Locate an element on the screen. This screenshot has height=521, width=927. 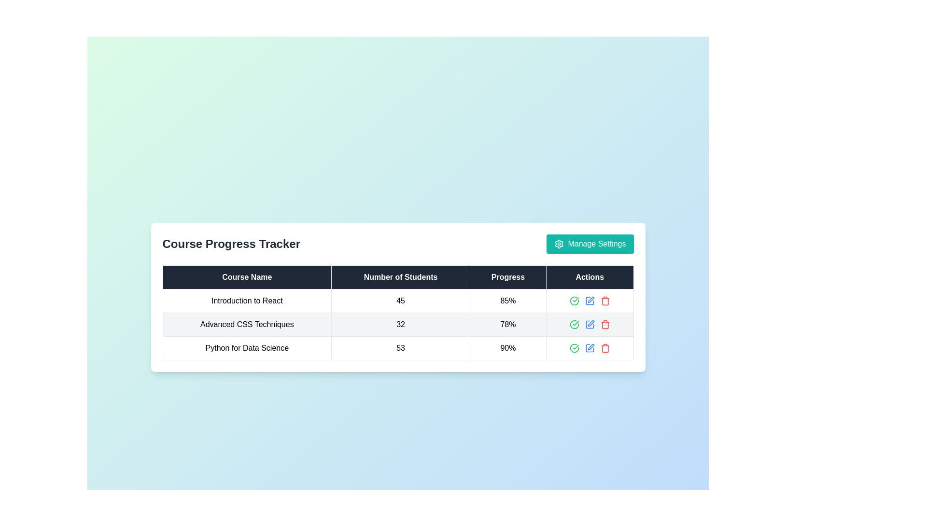
the gear-shaped icon with a teal background and white outline located to the left of the 'Manage Settings' text for accessibility interactions is located at coordinates (559, 243).